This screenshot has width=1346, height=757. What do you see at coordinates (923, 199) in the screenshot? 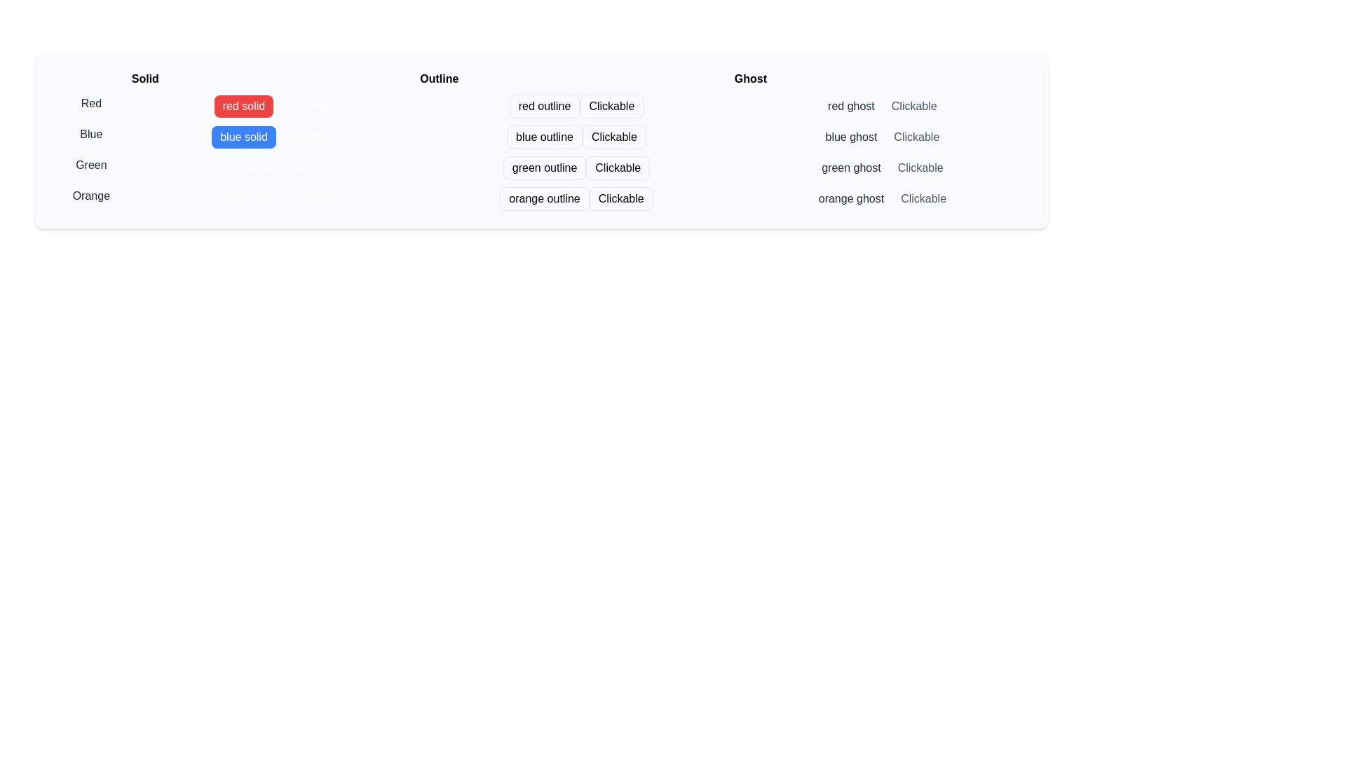
I see `the text label located in the 'Ghost' table row, which indicates that the corresponding option is interactable but does not perform any specific action on direct interaction` at bounding box center [923, 199].